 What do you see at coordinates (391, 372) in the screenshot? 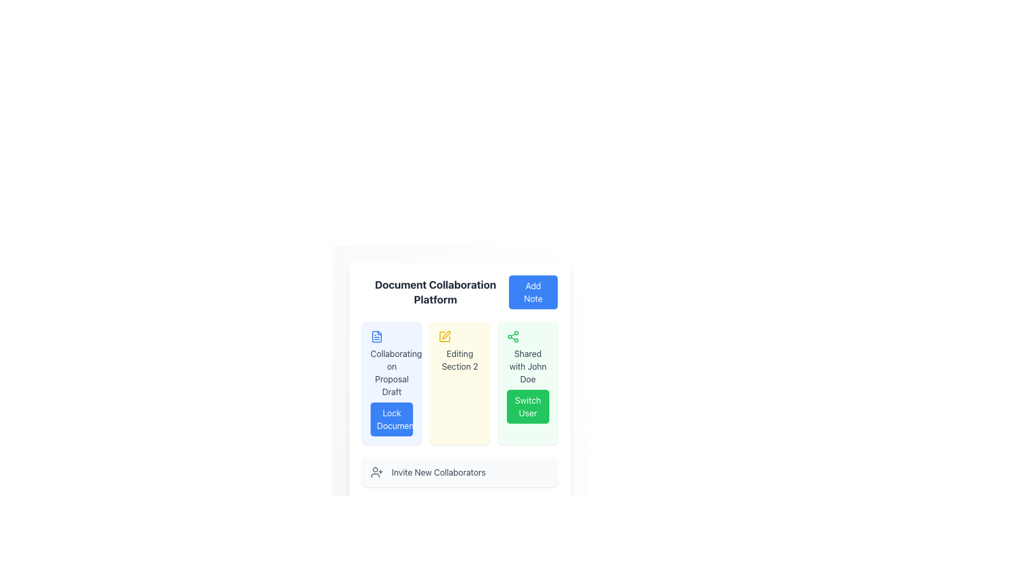
I see `the descriptive title label for the collaborative document editing feature located within the first blue card in a grid, positioned above the 'Lock Document' button` at bounding box center [391, 372].